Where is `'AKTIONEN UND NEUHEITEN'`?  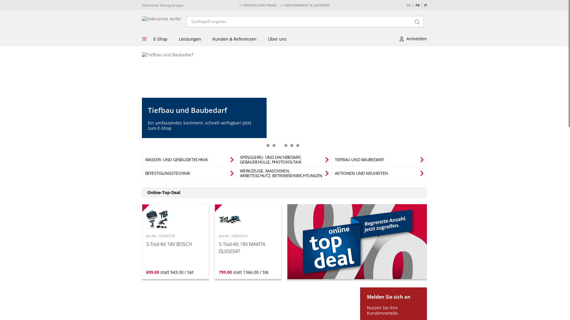
'AKTIONEN UND NEUHEITEN' is located at coordinates (364, 173).